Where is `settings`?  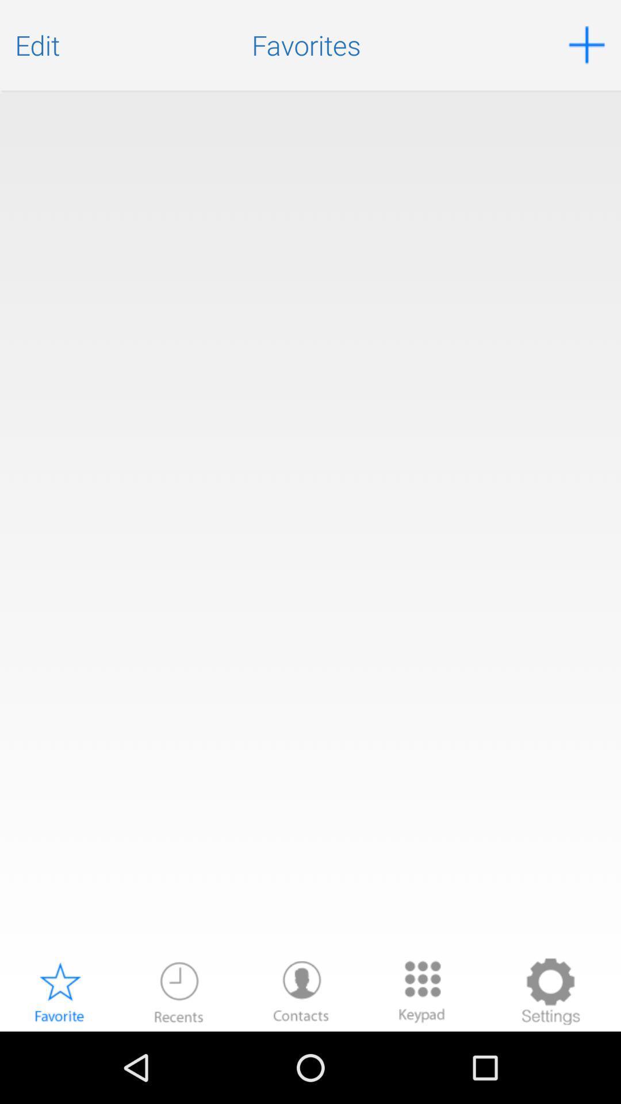 settings is located at coordinates (550, 991).